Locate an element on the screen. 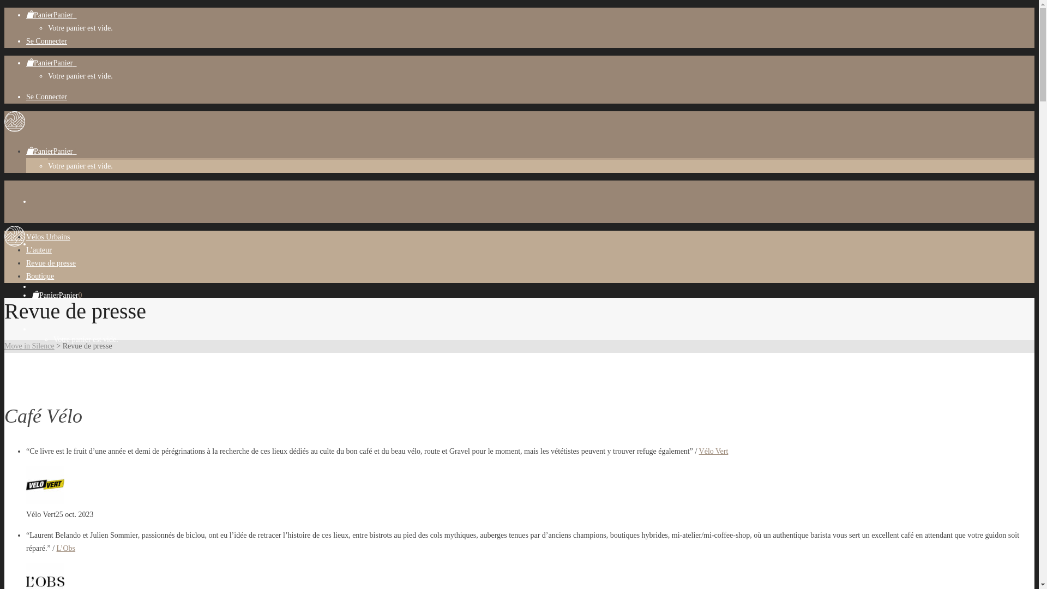  'Boutique' is located at coordinates (40, 275).